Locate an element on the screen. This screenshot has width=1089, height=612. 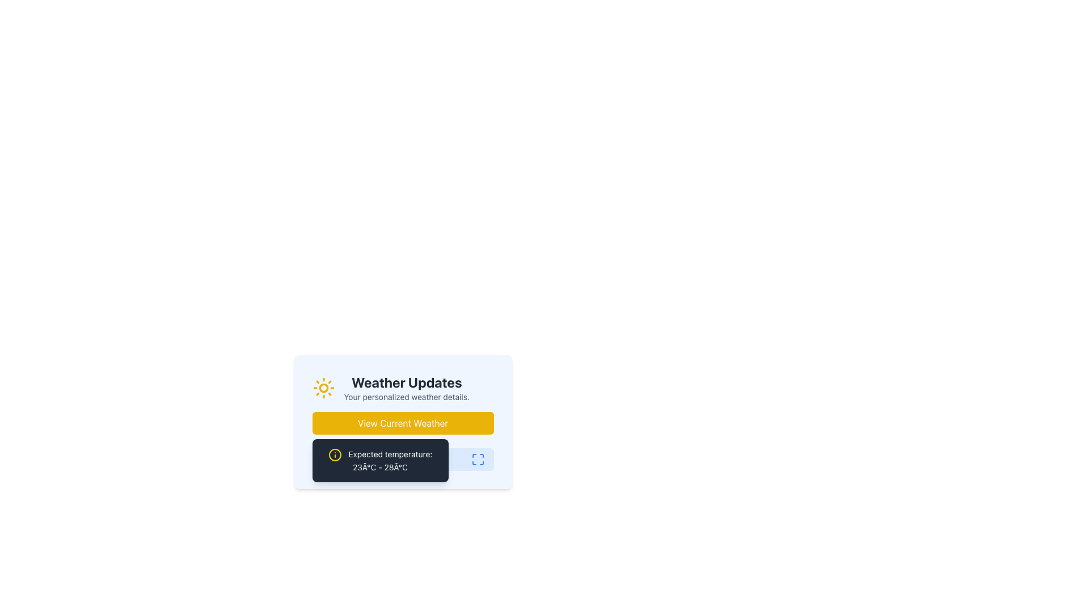
the yellow button labeled 'View Current Weather' to trigger the hover effect, which darkens the button's background color is located at coordinates (403, 423).